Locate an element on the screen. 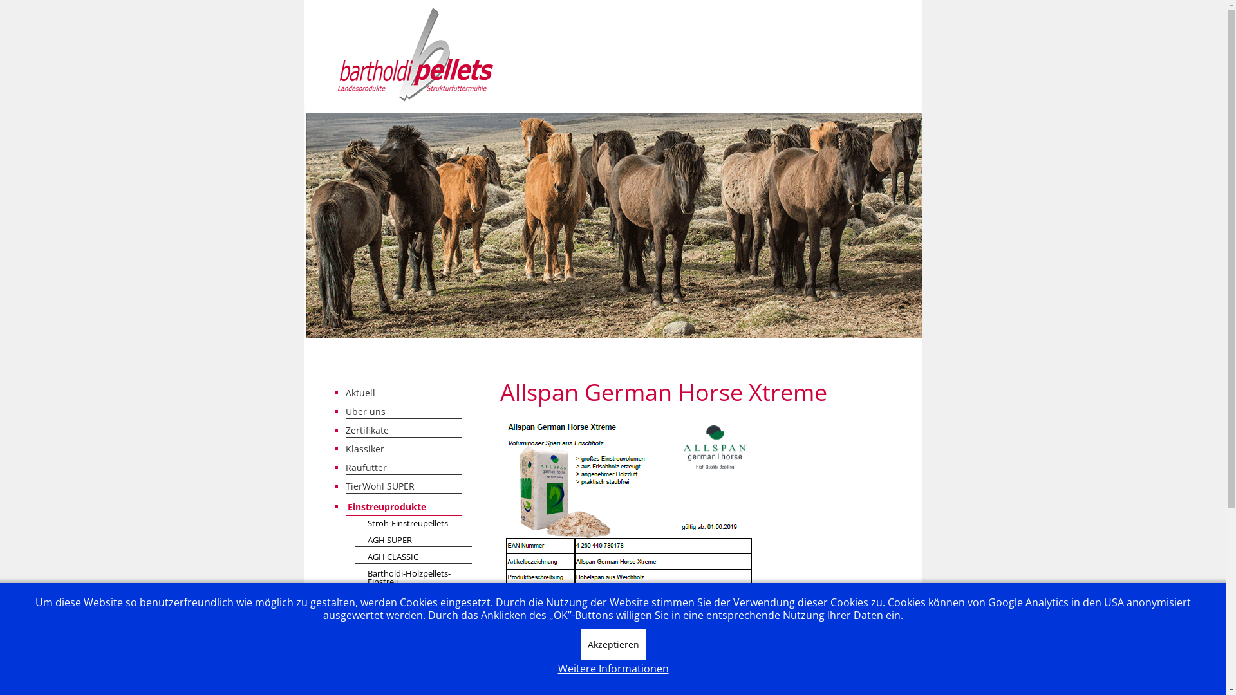  'Bartholdi-Holzpellets-Einstreu' is located at coordinates (413, 577).